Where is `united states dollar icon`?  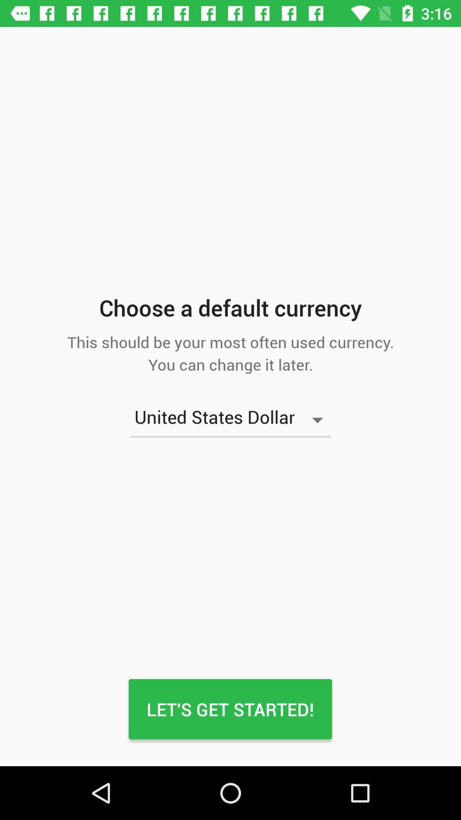 united states dollar icon is located at coordinates (230, 420).